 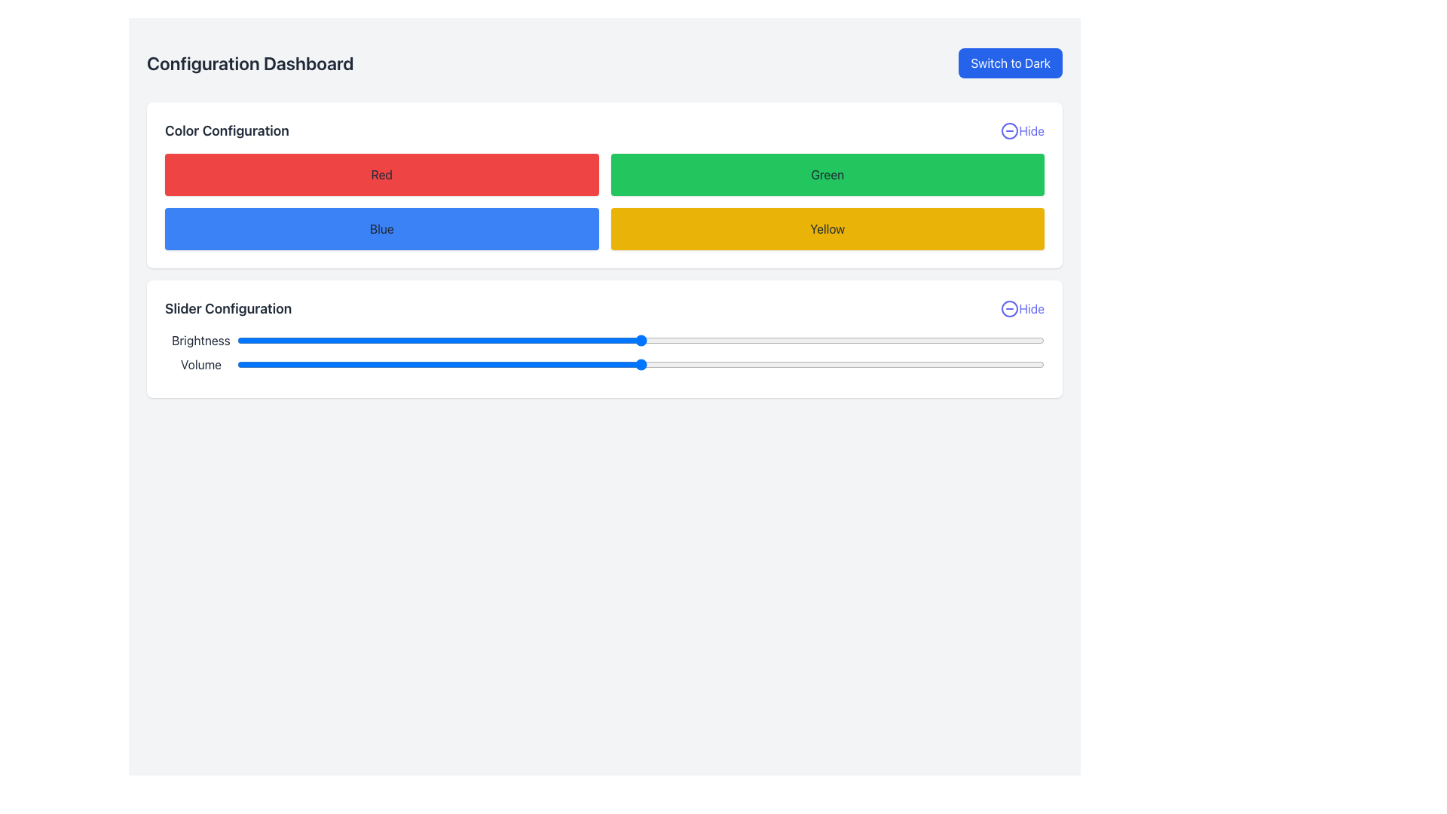 I want to click on volume, so click(x=567, y=364).